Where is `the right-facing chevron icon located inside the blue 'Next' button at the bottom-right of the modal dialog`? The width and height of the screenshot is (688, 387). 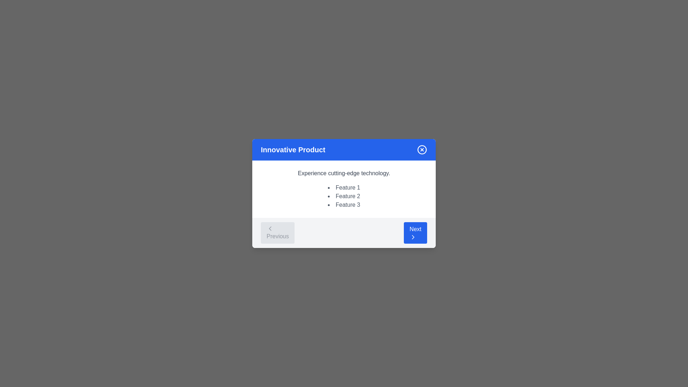
the right-facing chevron icon located inside the blue 'Next' button at the bottom-right of the modal dialog is located at coordinates (413, 237).